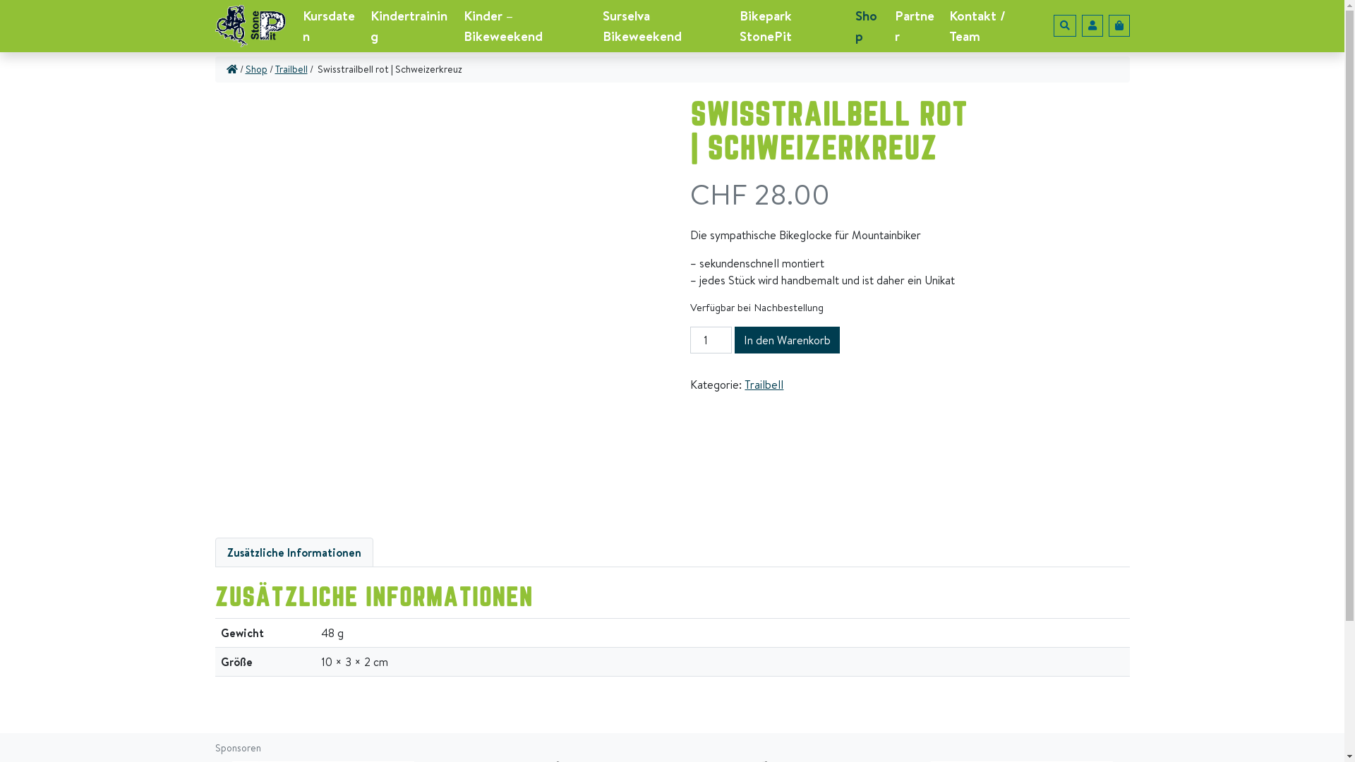 Image resolution: width=1355 pixels, height=762 pixels. Describe the element at coordinates (763, 384) in the screenshot. I see `'Trailbell'` at that location.